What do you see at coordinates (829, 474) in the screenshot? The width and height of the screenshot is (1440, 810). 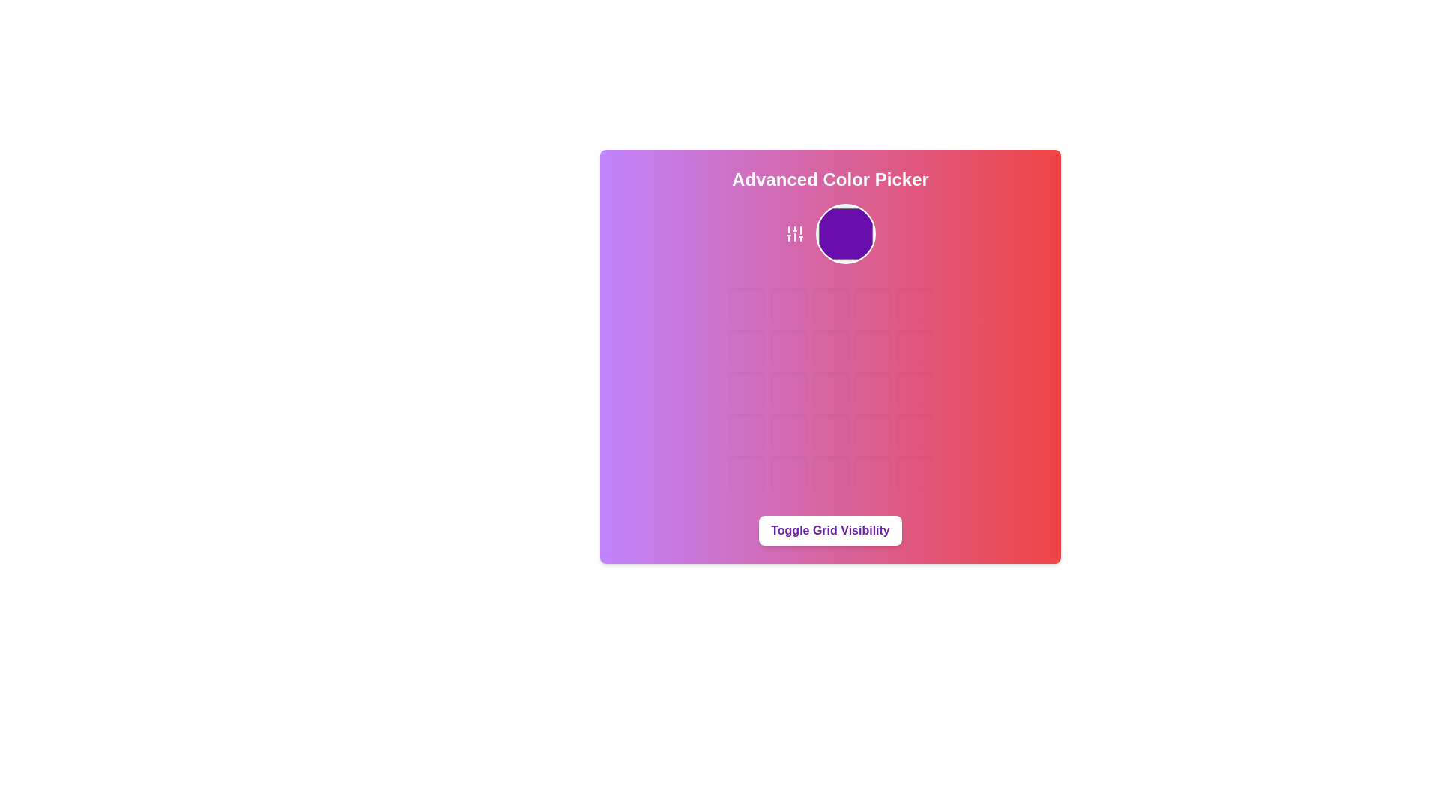 I see `the third cell in the fifth row of the 5x5 grid layout` at bounding box center [829, 474].